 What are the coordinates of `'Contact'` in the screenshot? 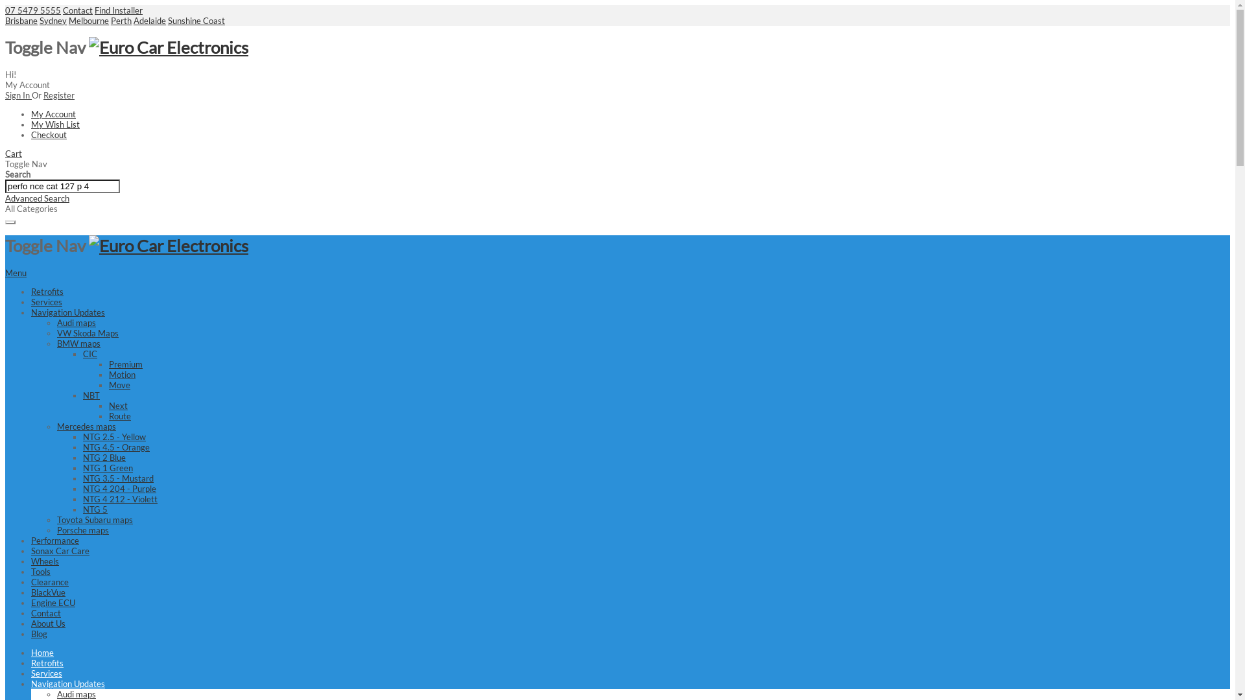 It's located at (46, 612).